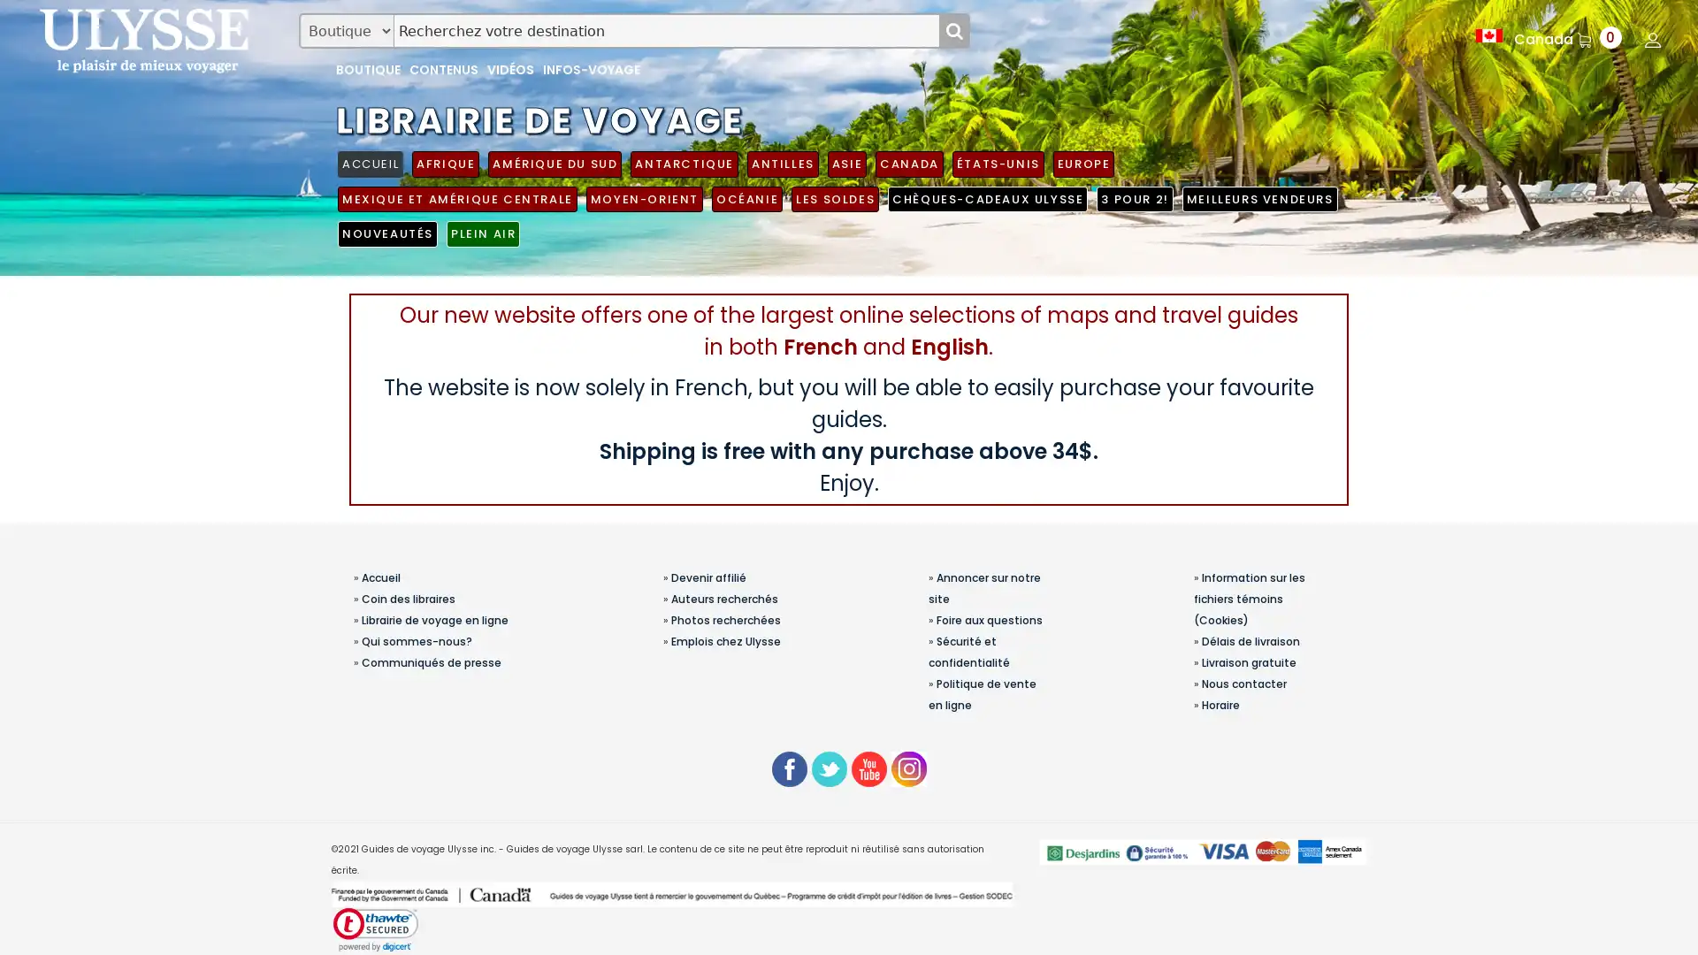 This screenshot has width=1698, height=955. I want to click on ANTARCTIQUE, so click(683, 164).